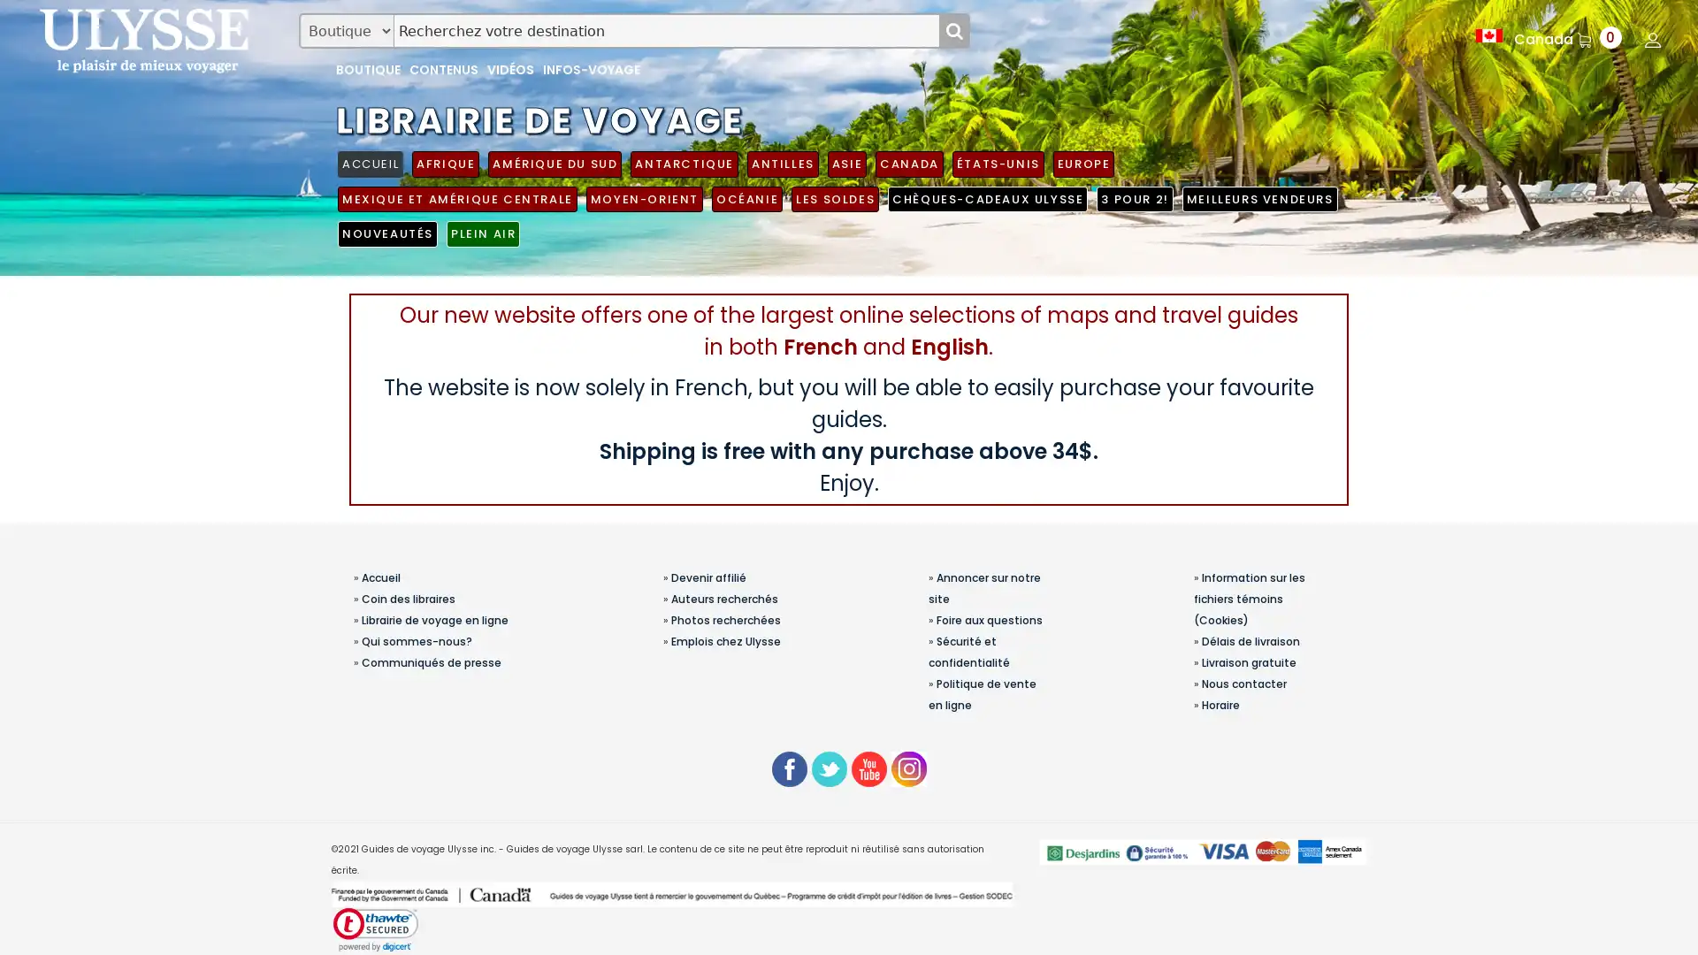 This screenshot has width=1698, height=955. I want to click on ANTARCTIQUE, so click(683, 164).